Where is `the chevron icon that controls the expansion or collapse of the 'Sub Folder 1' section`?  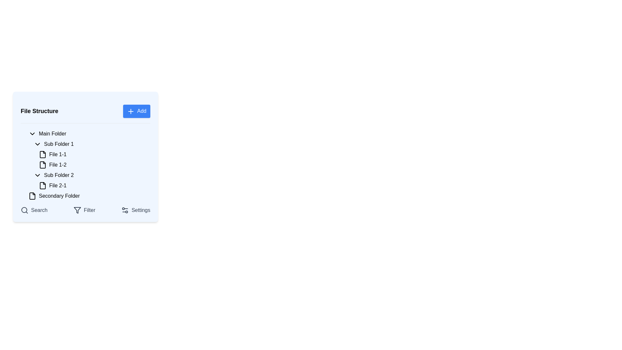 the chevron icon that controls the expansion or collapse of the 'Sub Folder 1' section is located at coordinates (37, 143).